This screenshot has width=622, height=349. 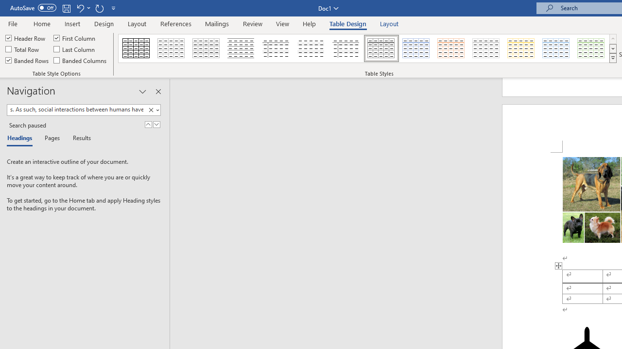 I want to click on 'Plain Table 5', so click(x=346, y=48).